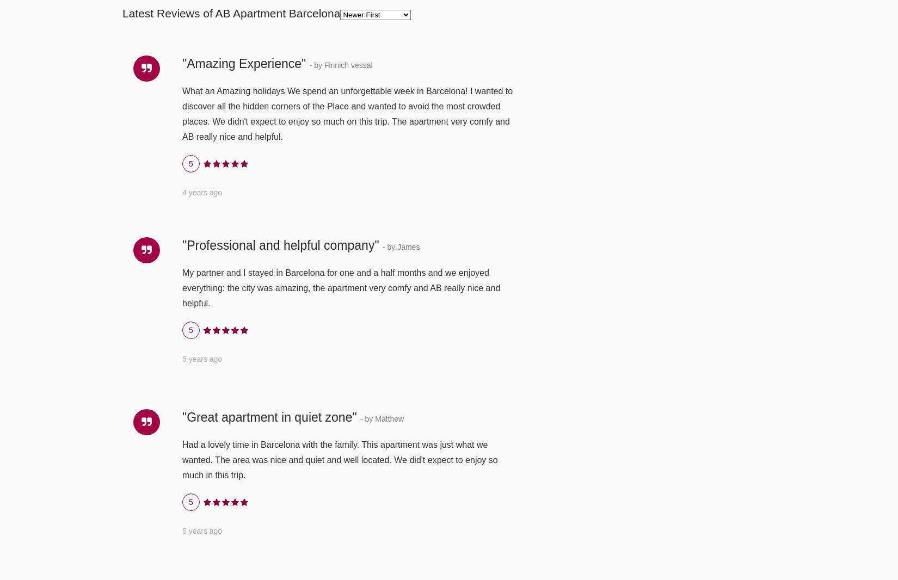 This screenshot has width=898, height=580. Describe the element at coordinates (400, 246) in the screenshot. I see `'- by James'` at that location.